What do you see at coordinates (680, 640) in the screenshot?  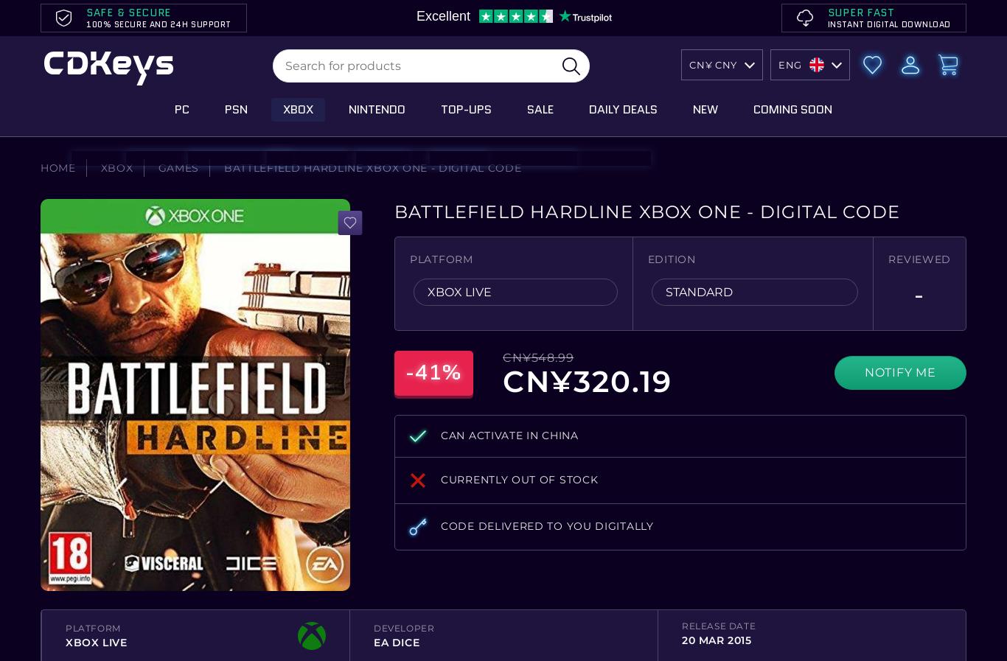 I see `'20 Mar 2015'` at bounding box center [680, 640].